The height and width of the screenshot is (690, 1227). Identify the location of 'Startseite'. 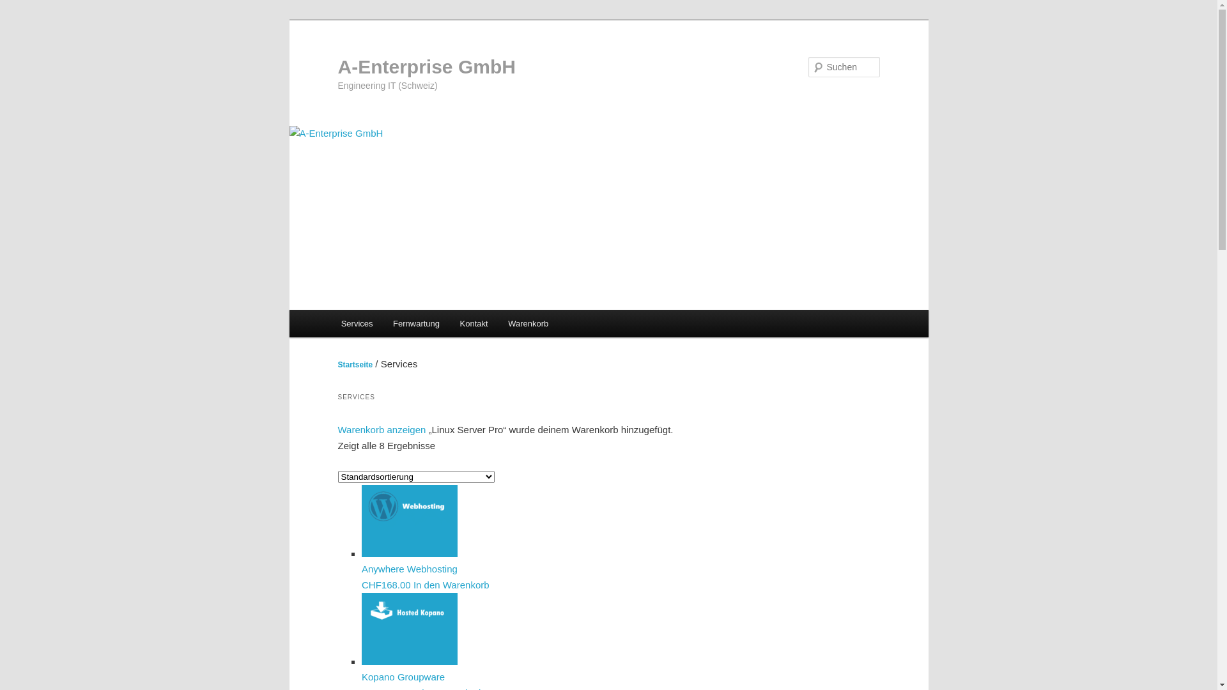
(355, 364).